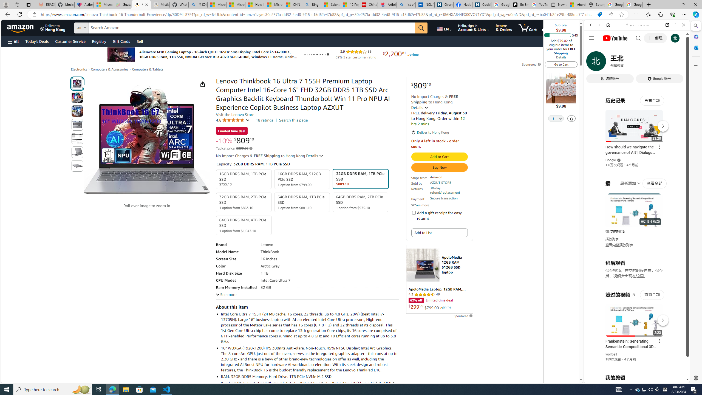 The height and width of the screenshot is (395, 702). I want to click on 'NCL Adult Asthma Inhaler Choice Guideline', so click(425, 4).